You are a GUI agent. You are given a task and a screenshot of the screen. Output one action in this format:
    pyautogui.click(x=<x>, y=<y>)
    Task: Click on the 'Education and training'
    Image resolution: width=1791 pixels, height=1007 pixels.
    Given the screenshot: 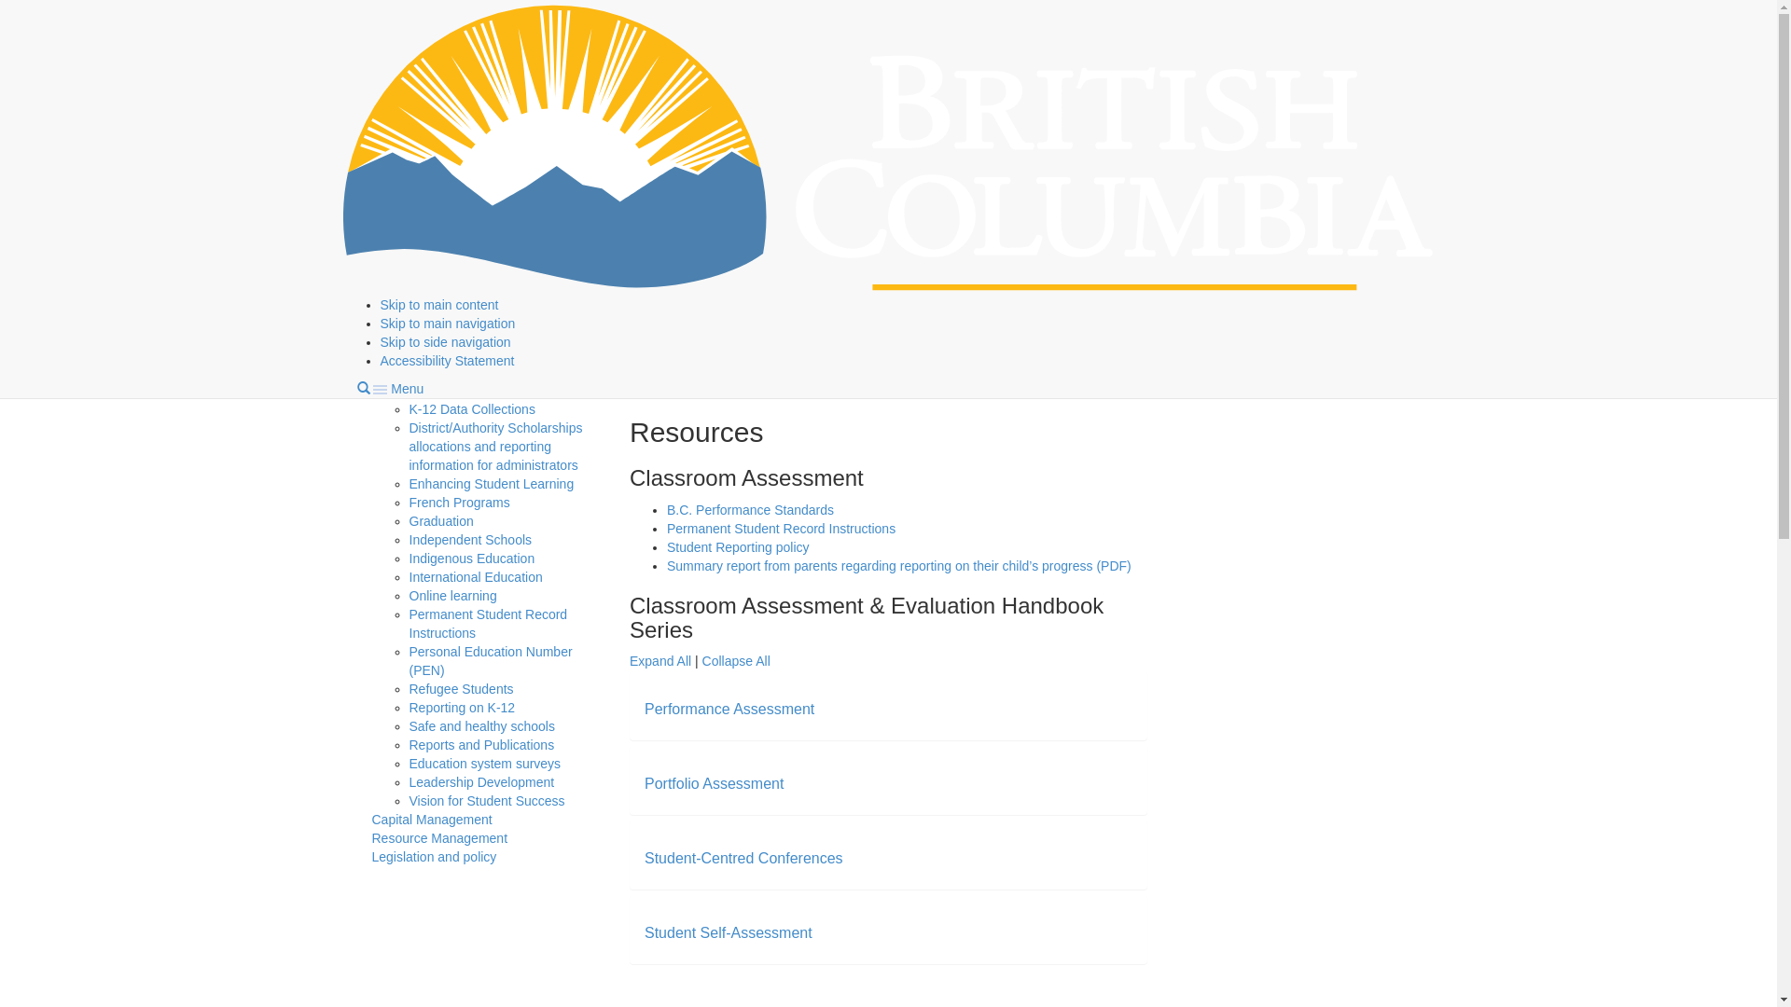 What is the action you would take?
    pyautogui.click(x=491, y=17)
    